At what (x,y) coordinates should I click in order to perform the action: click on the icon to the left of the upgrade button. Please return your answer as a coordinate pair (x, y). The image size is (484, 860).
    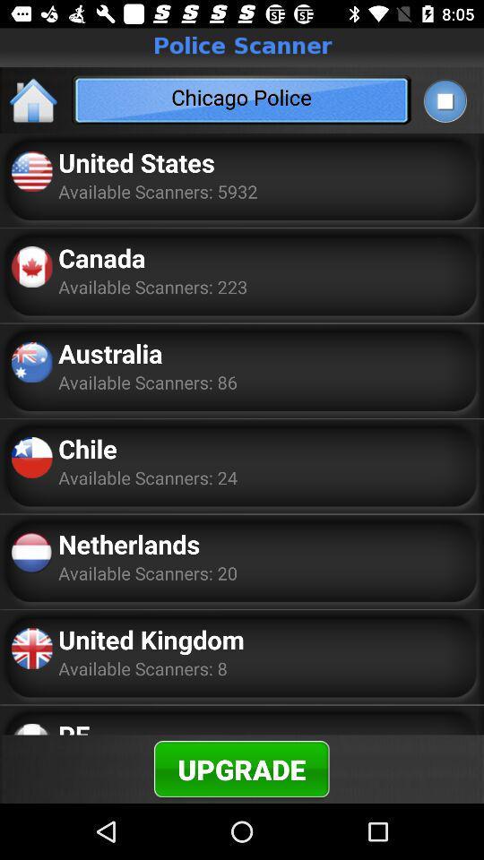
    Looking at the image, I should click on (73, 726).